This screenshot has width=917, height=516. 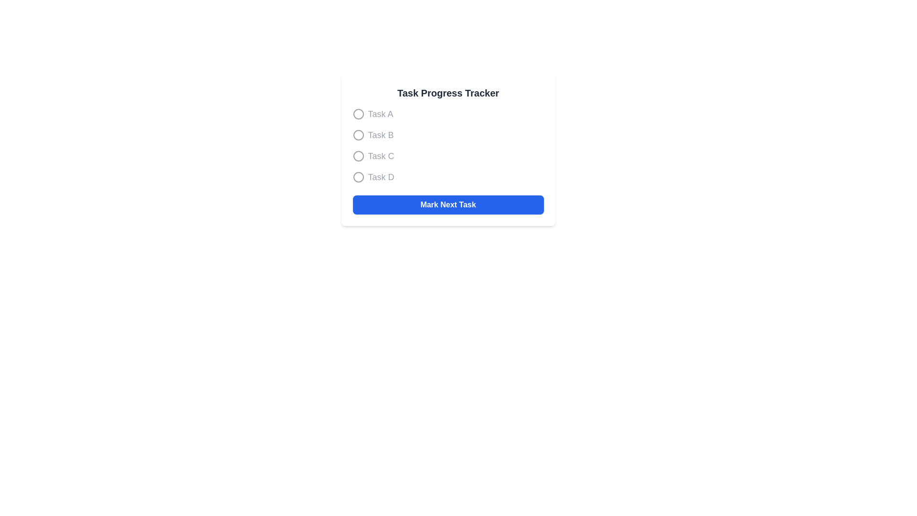 What do you see at coordinates (448, 177) in the screenshot?
I see `the fourth selectable task option in the list, located directly beneath 'Task C'` at bounding box center [448, 177].